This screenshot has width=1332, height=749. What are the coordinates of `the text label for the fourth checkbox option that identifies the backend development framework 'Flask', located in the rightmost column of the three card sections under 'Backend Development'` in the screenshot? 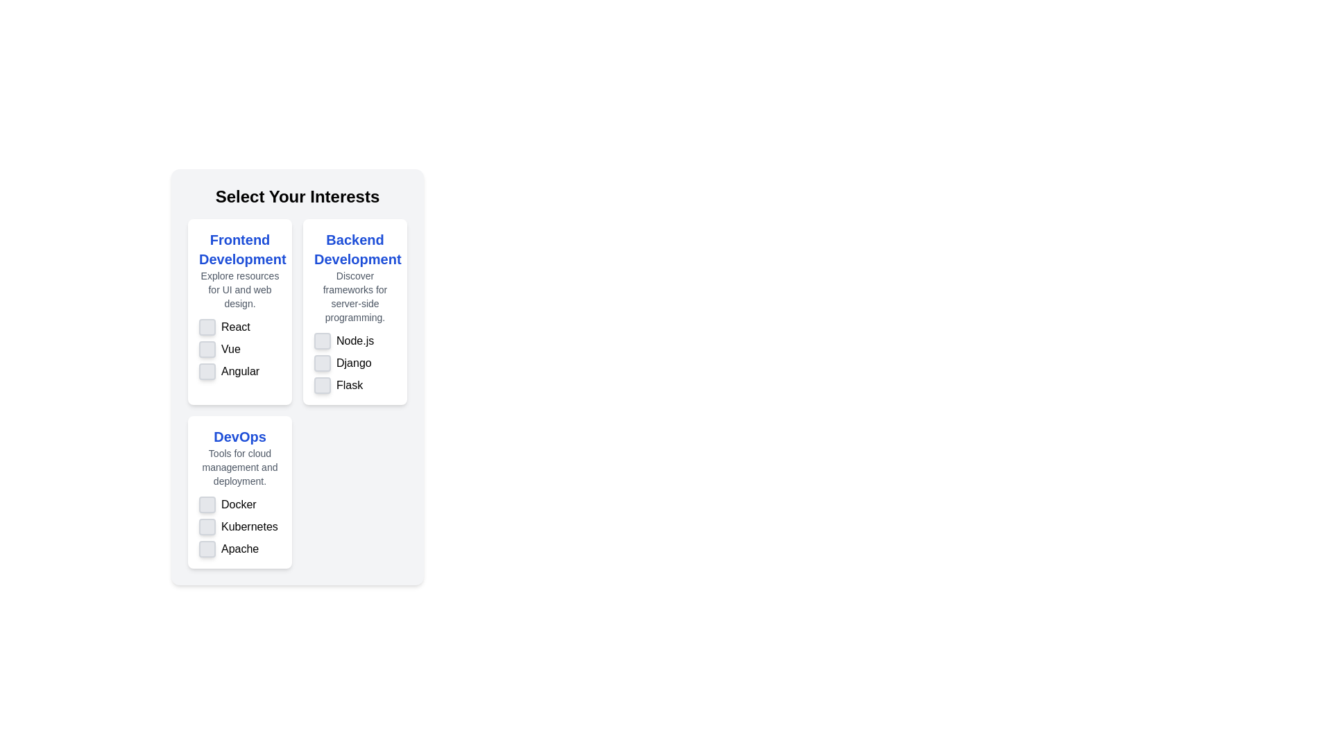 It's located at (350, 385).